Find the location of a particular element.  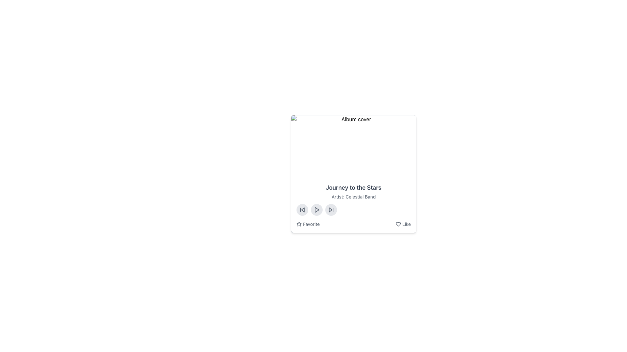

the favorite icon located to the left of the 'Favorite' text is located at coordinates (299, 224).